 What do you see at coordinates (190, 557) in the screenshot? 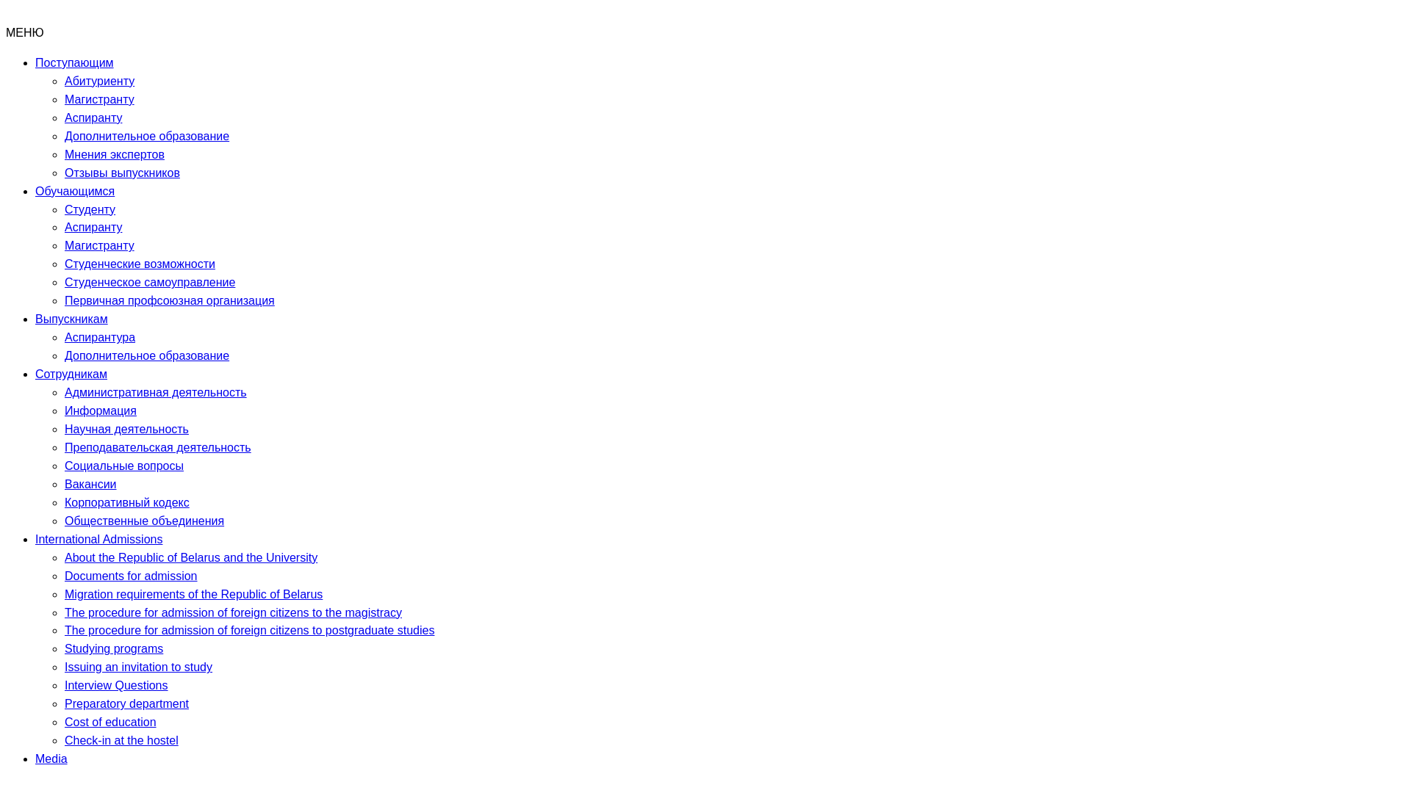
I see `'About the Republic of Belarus and the University'` at bounding box center [190, 557].